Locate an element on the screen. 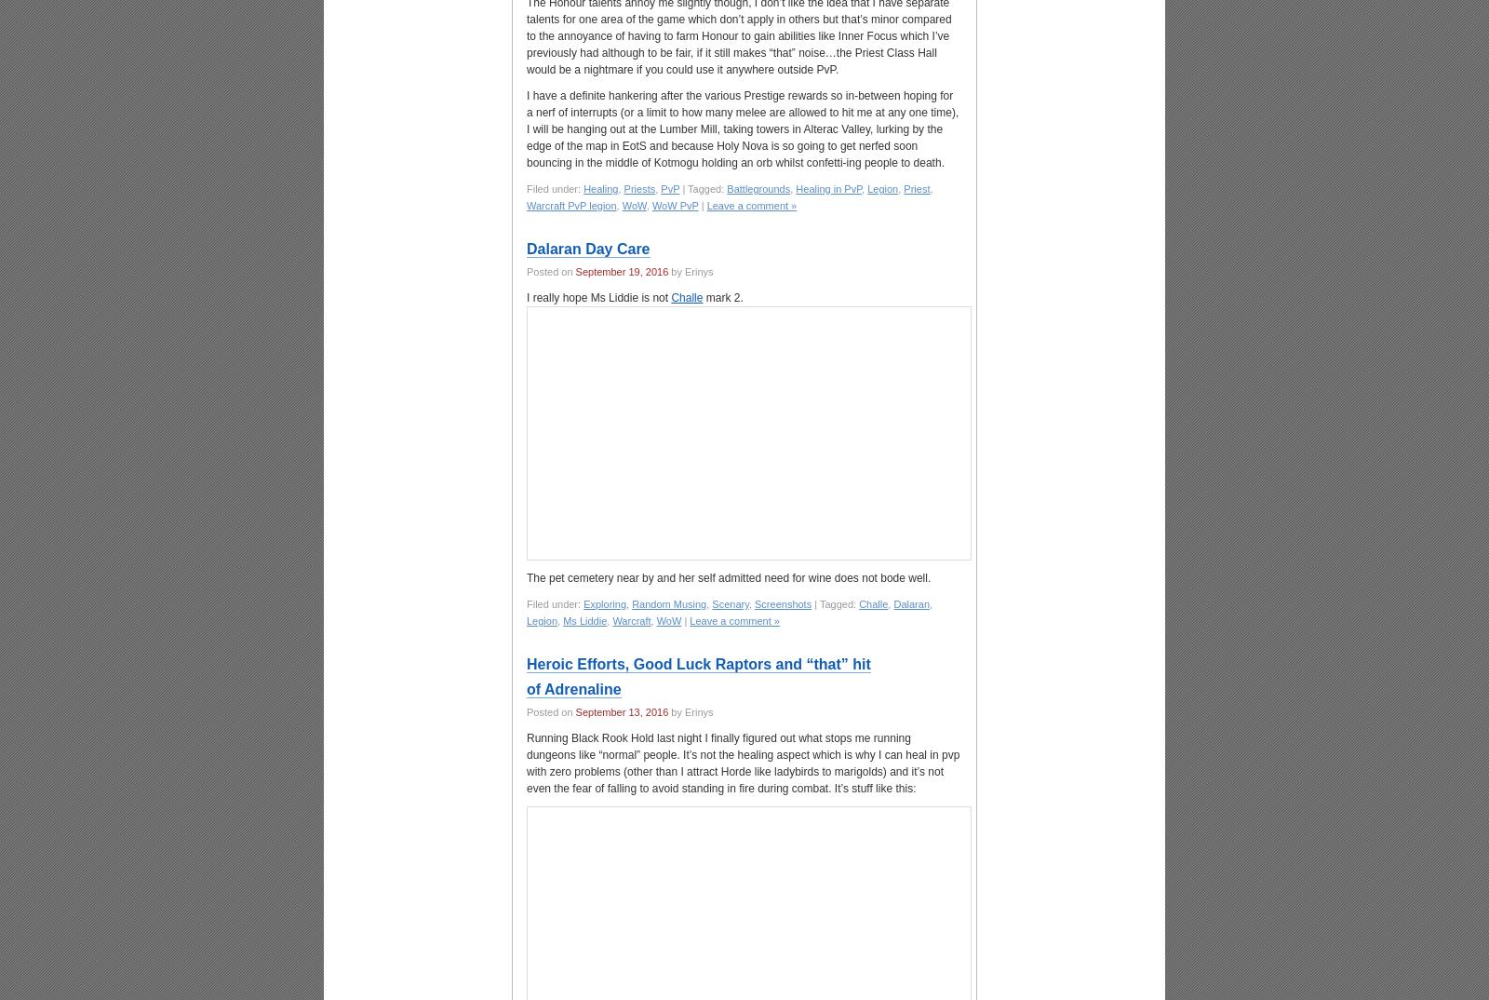 This screenshot has width=1489, height=1000. 'Dalaran Day Care' is located at coordinates (588, 248).